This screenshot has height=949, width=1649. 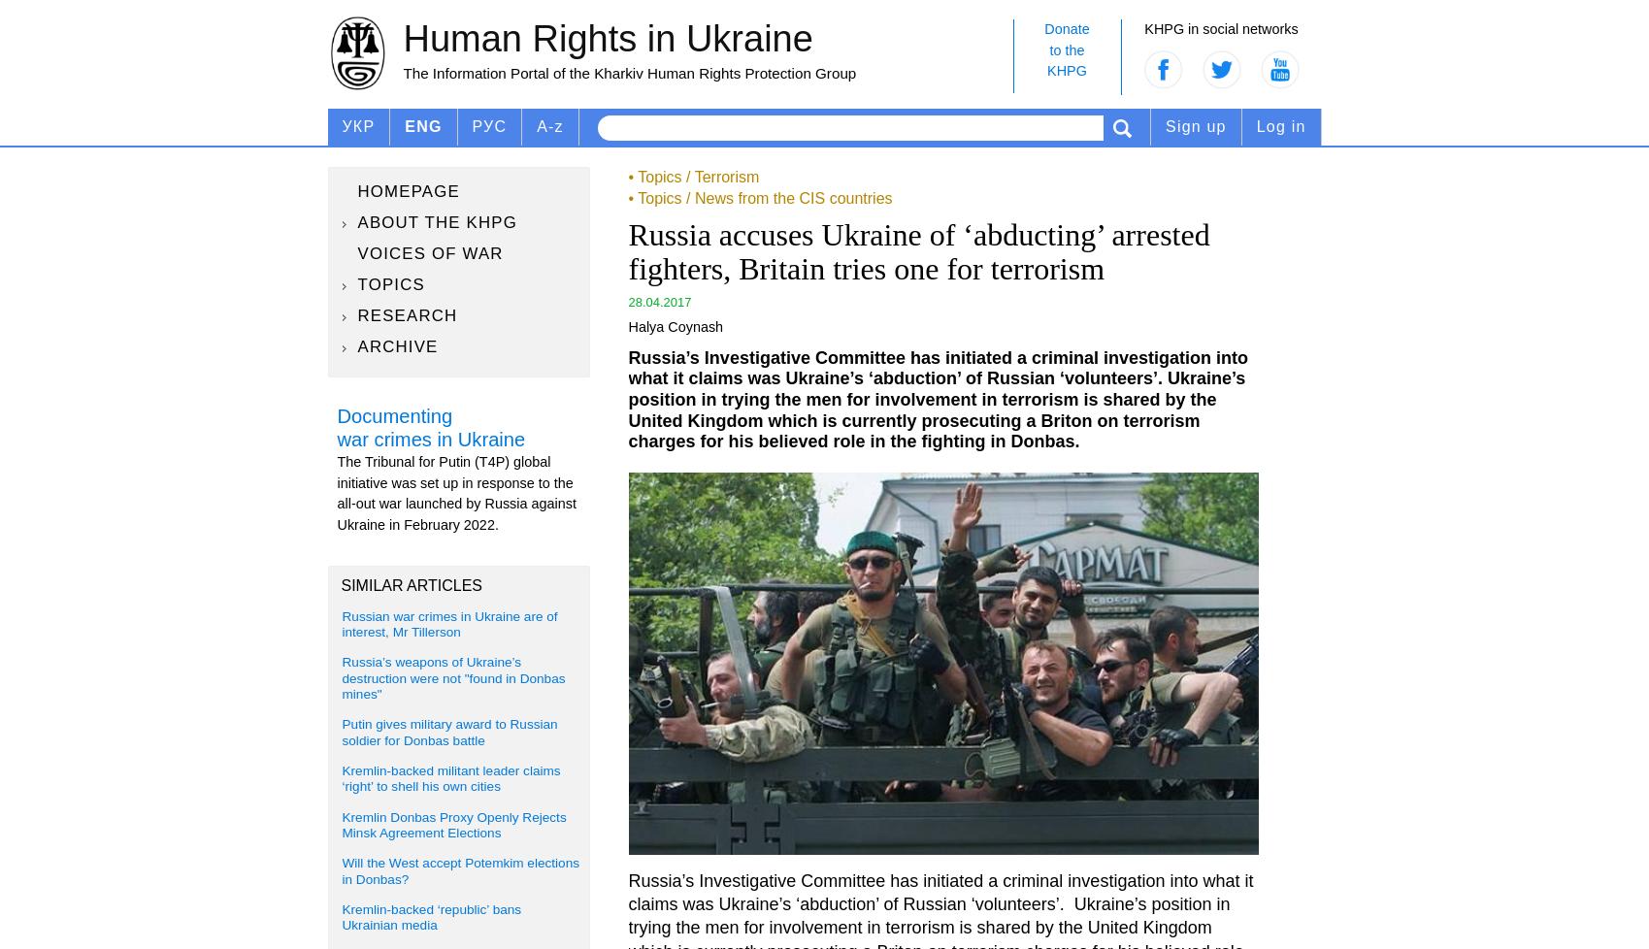 What do you see at coordinates (1048, 49) in the screenshot?
I see `'to the'` at bounding box center [1048, 49].